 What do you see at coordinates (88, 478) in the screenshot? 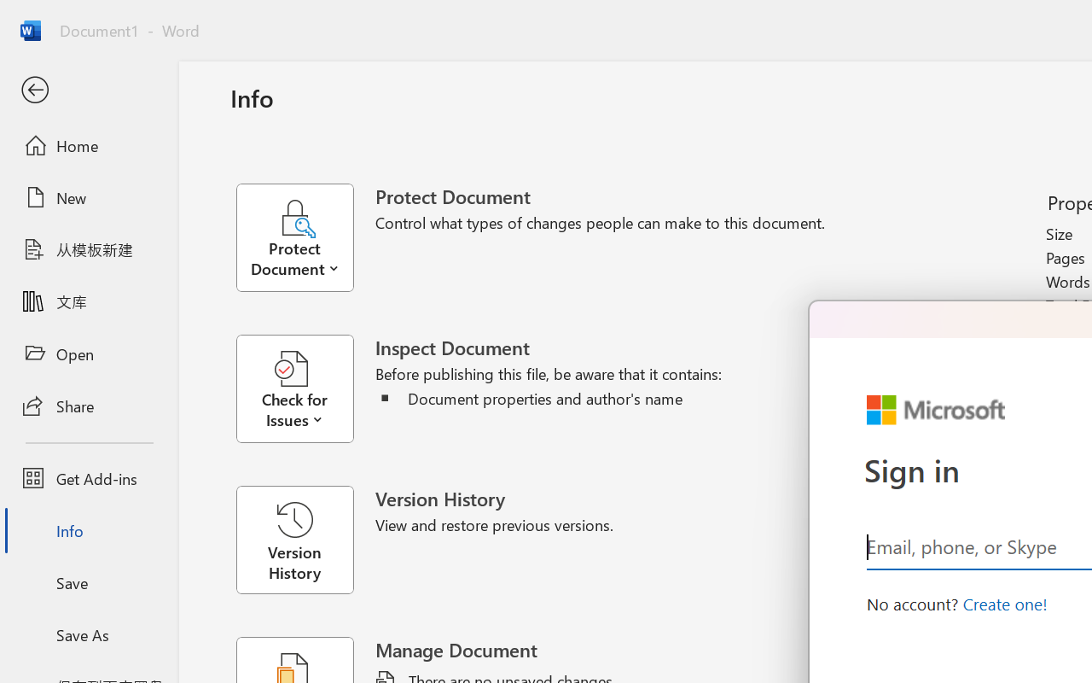
I see `'Get Add-ins'` at bounding box center [88, 478].